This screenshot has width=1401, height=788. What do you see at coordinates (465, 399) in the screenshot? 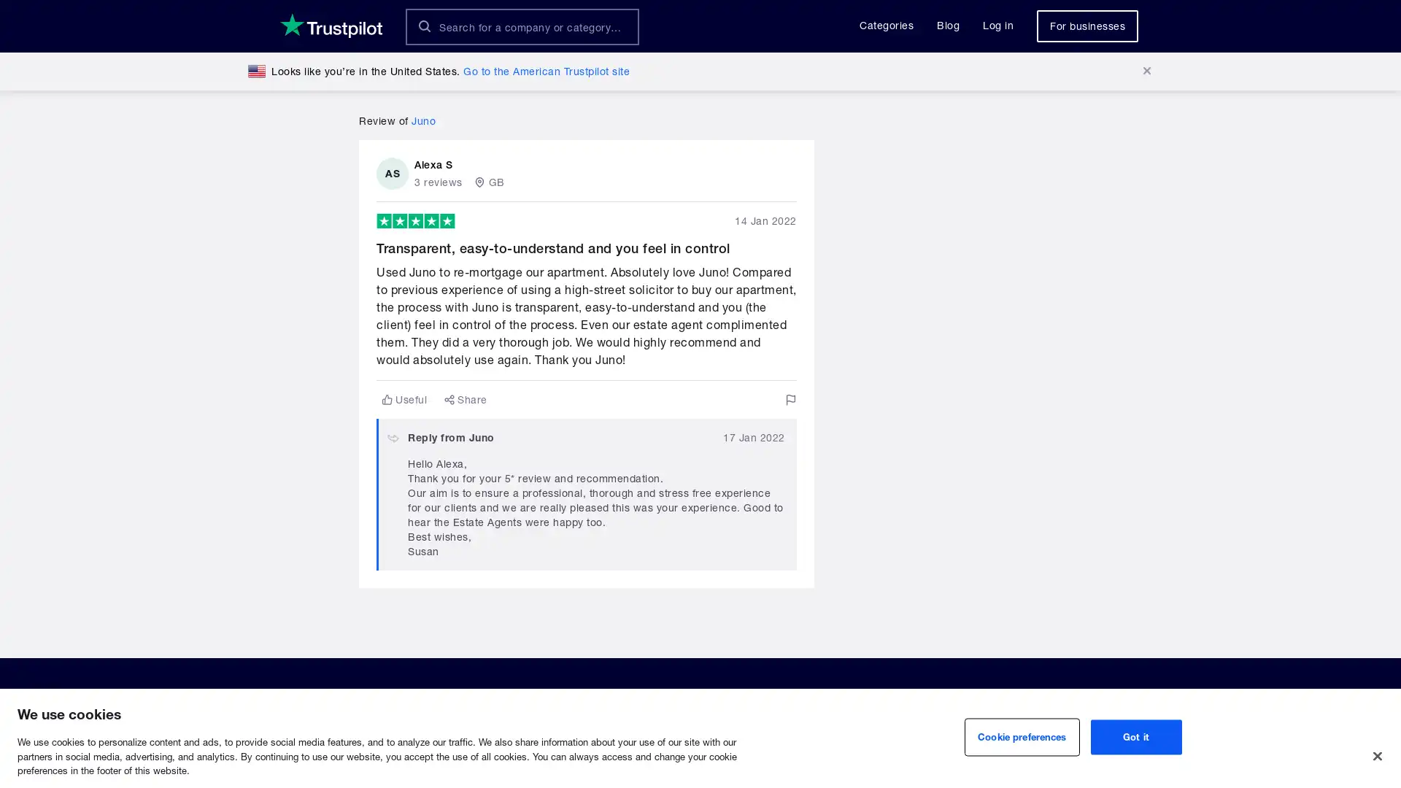
I see `Share` at bounding box center [465, 399].